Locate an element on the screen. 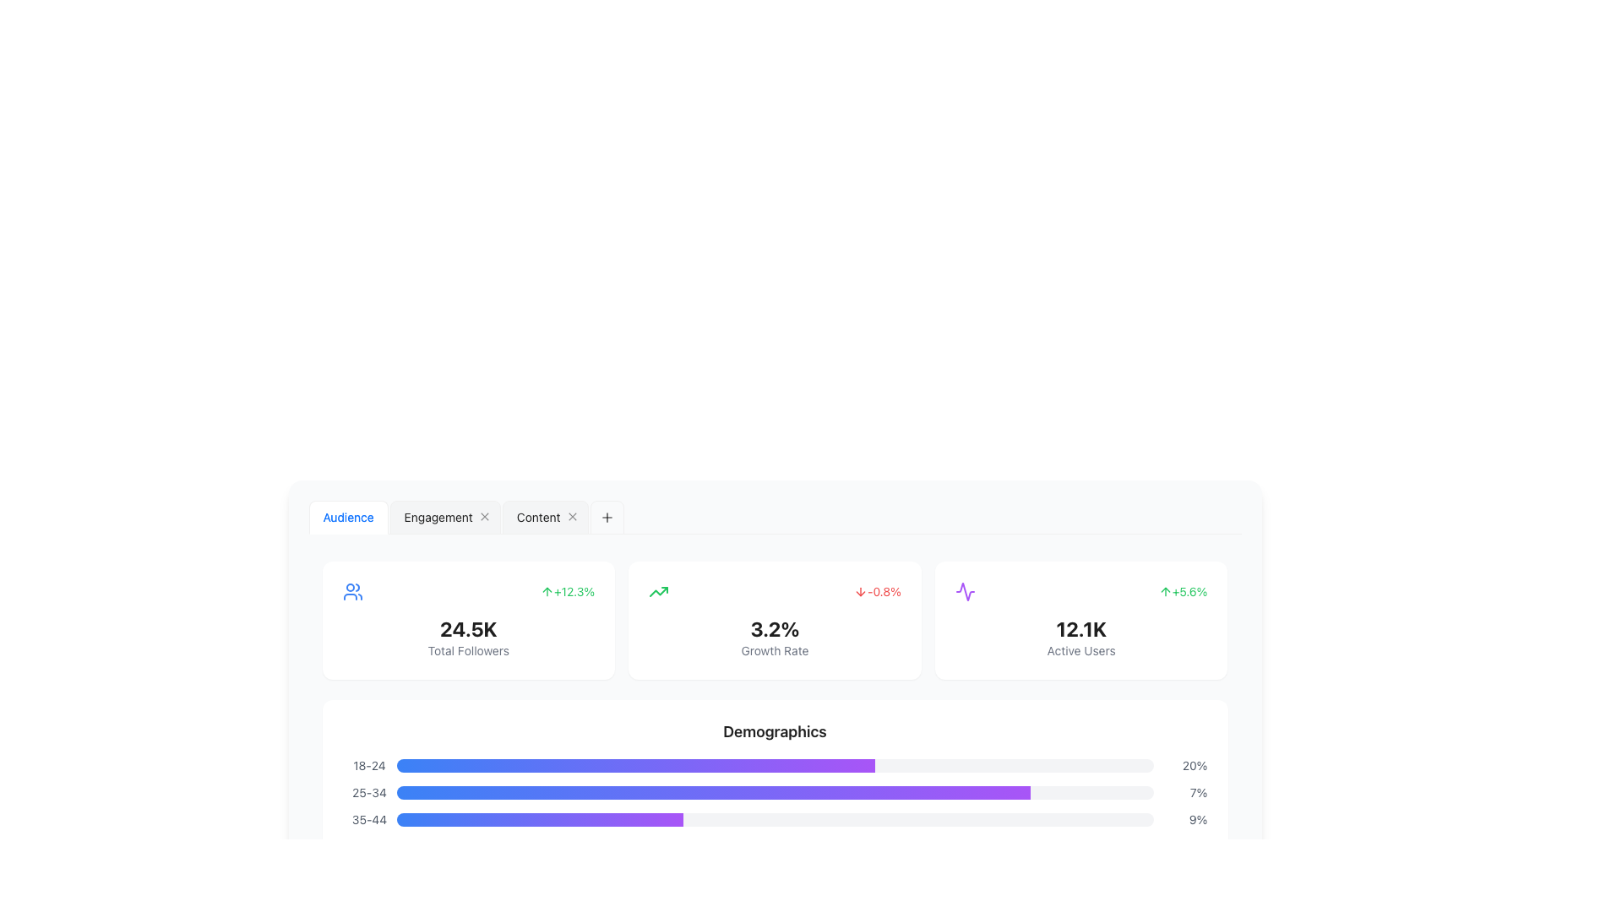 Image resolution: width=1622 pixels, height=912 pixels. the 'Audience' tab in the top navigation bar is located at coordinates (347, 517).